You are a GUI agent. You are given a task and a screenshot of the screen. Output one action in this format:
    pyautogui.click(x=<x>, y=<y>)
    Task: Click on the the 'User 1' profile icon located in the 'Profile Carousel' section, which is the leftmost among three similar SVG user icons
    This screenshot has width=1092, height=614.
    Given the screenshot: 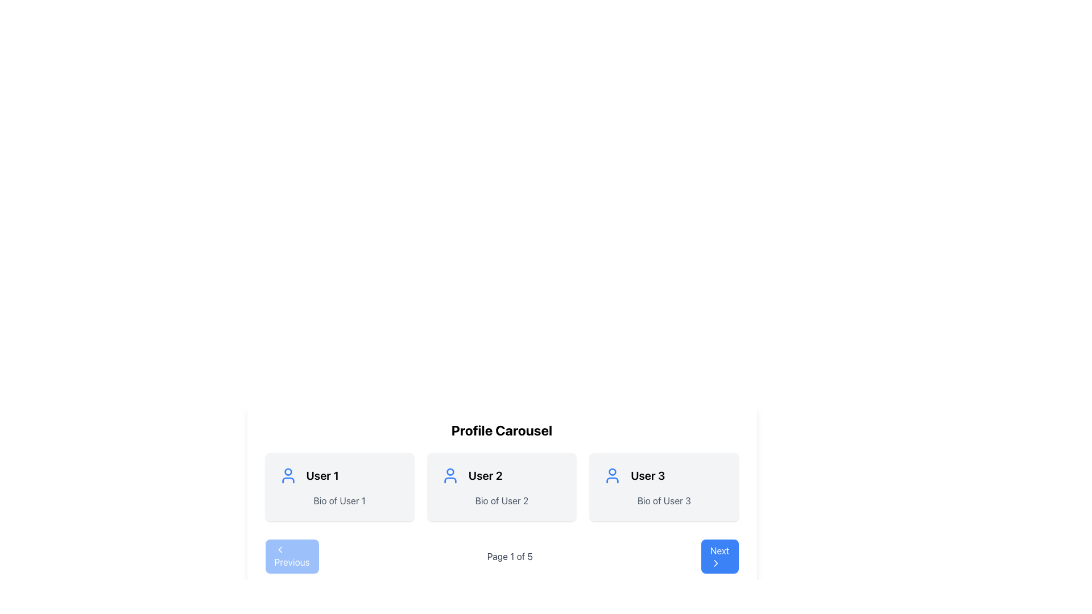 What is the action you would take?
    pyautogui.click(x=288, y=476)
    